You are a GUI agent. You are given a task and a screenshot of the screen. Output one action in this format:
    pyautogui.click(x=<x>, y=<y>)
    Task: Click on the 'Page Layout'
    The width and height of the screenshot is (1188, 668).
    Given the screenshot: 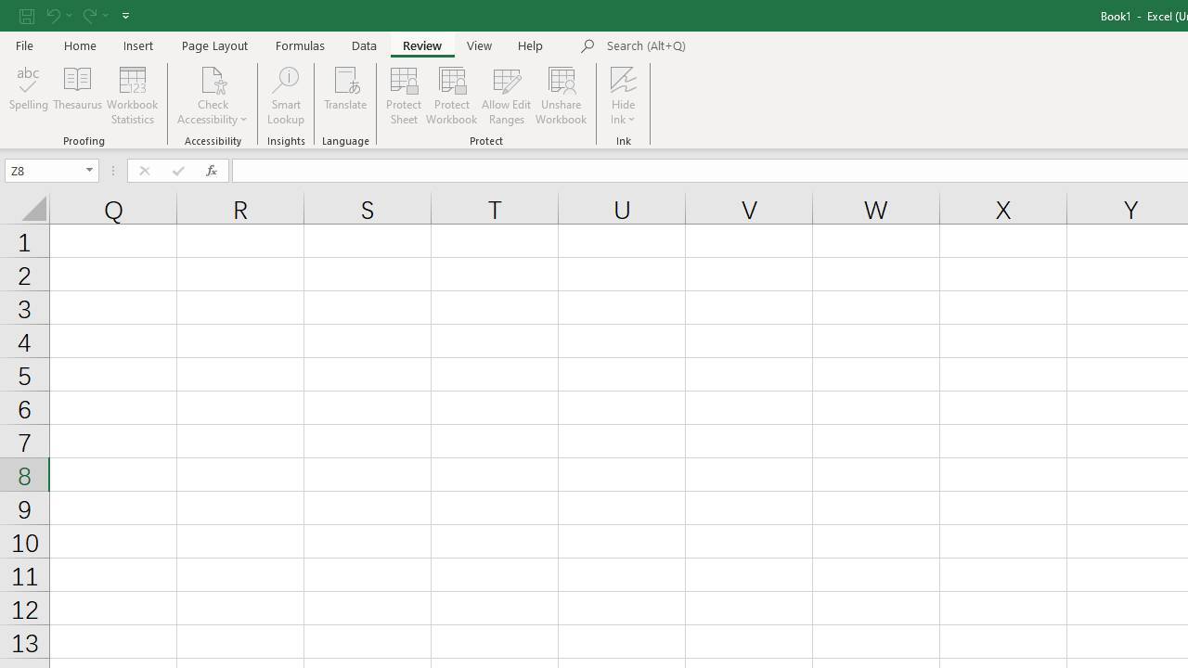 What is the action you would take?
    pyautogui.click(x=214, y=45)
    